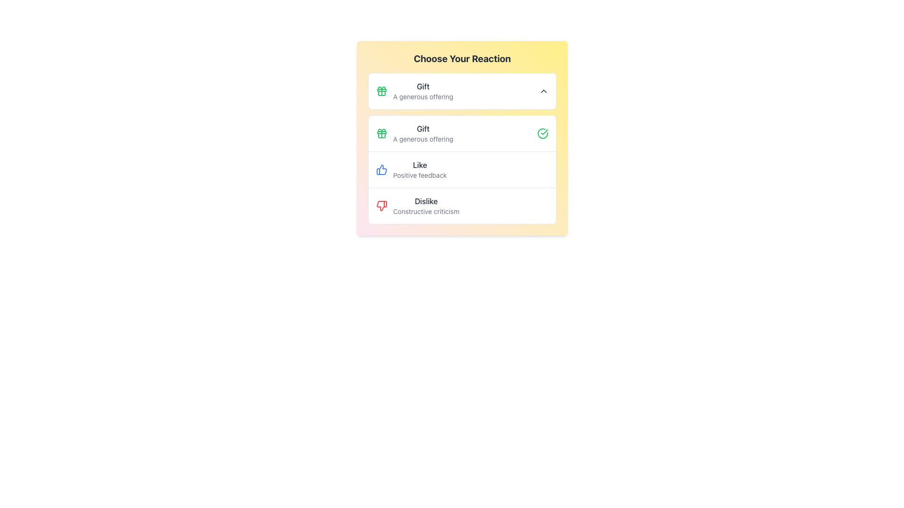  What do you see at coordinates (422, 139) in the screenshot?
I see `text from the label that displays 'A generous offering', which is styled with a smaller font size and lighter gray color, located below the bold text 'Gift' in the second list entry of a vertically aligned list` at bounding box center [422, 139].